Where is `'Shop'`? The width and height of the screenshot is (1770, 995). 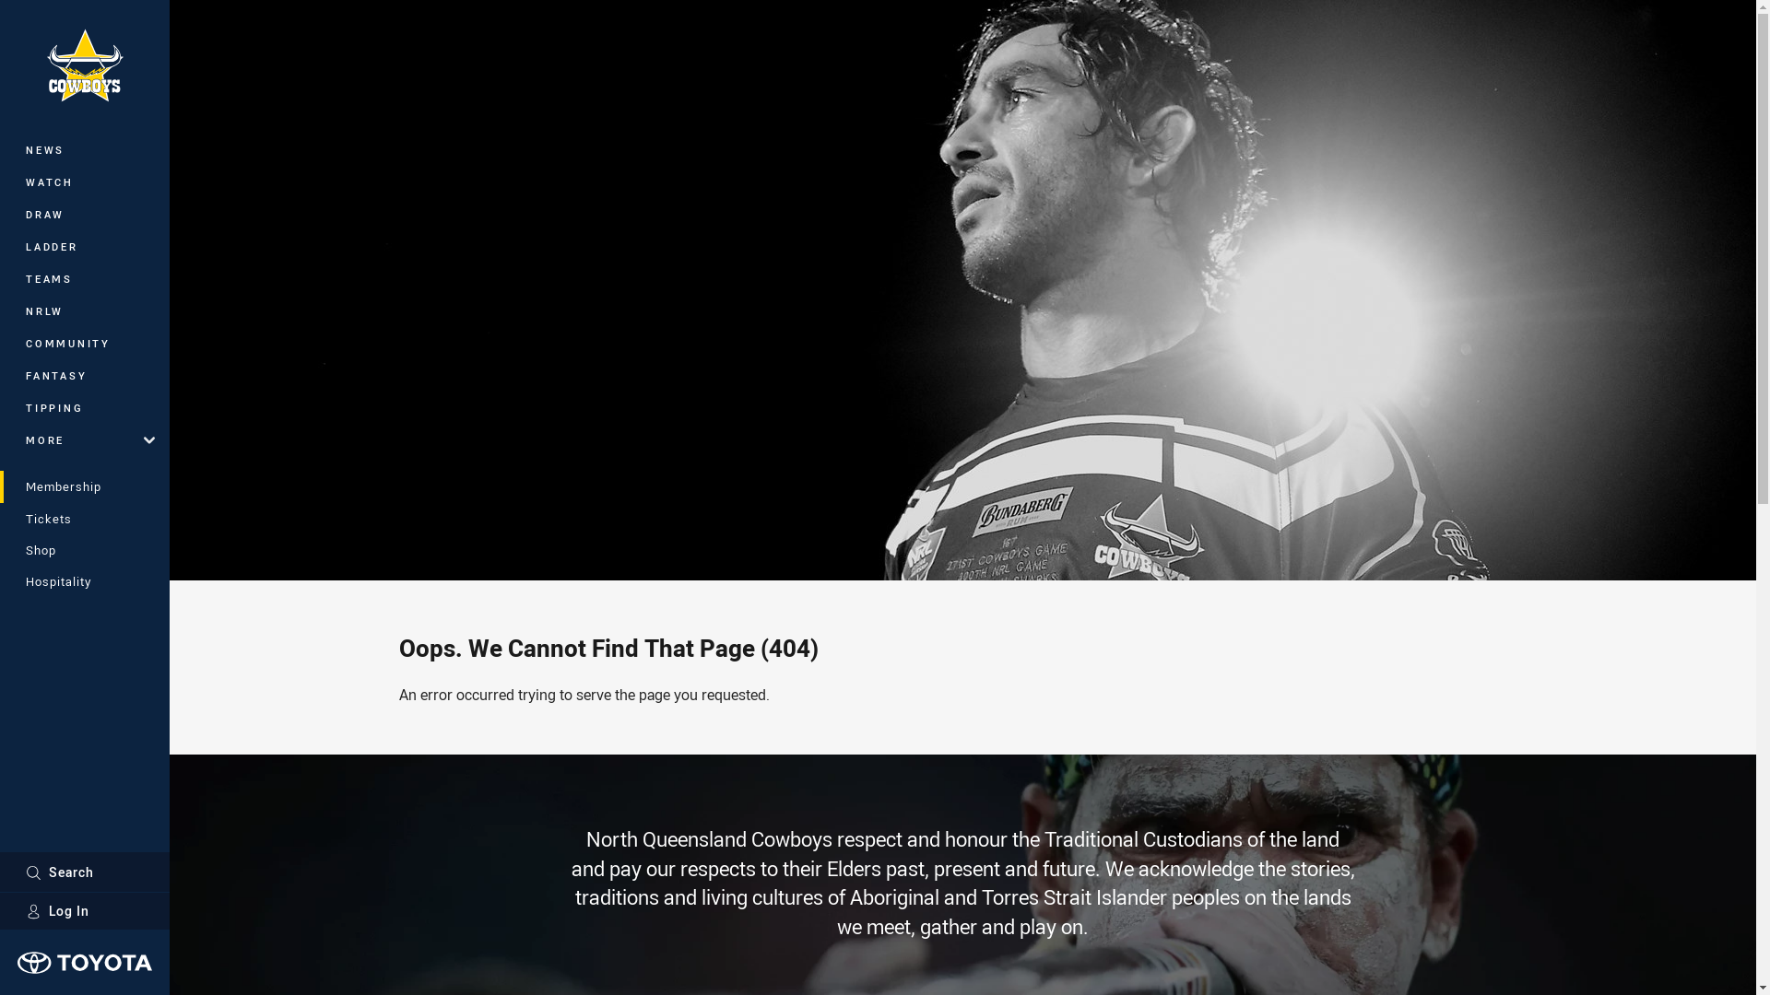 'Shop' is located at coordinates (83, 549).